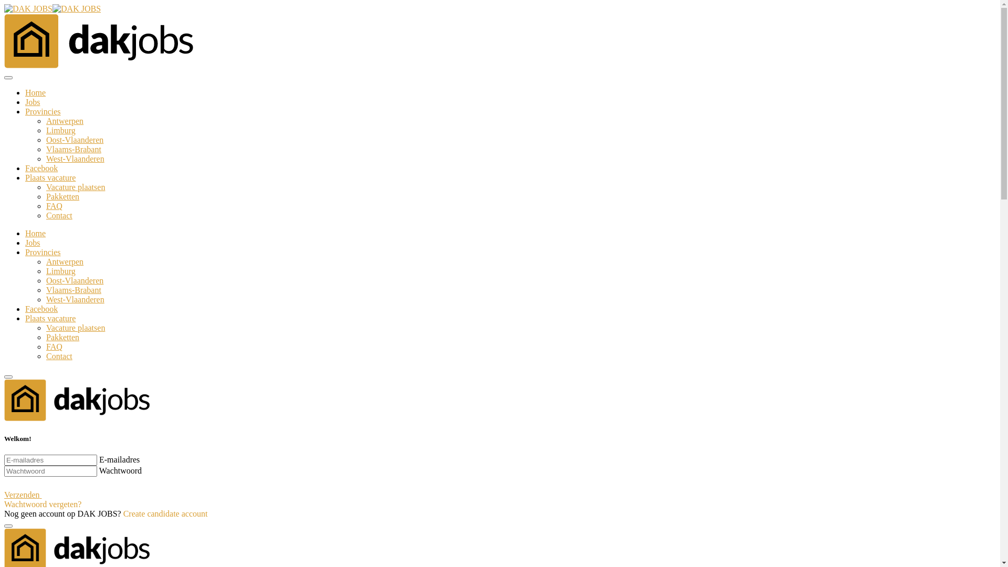  I want to click on 'Wachtwoord vergeten?', so click(42, 503).